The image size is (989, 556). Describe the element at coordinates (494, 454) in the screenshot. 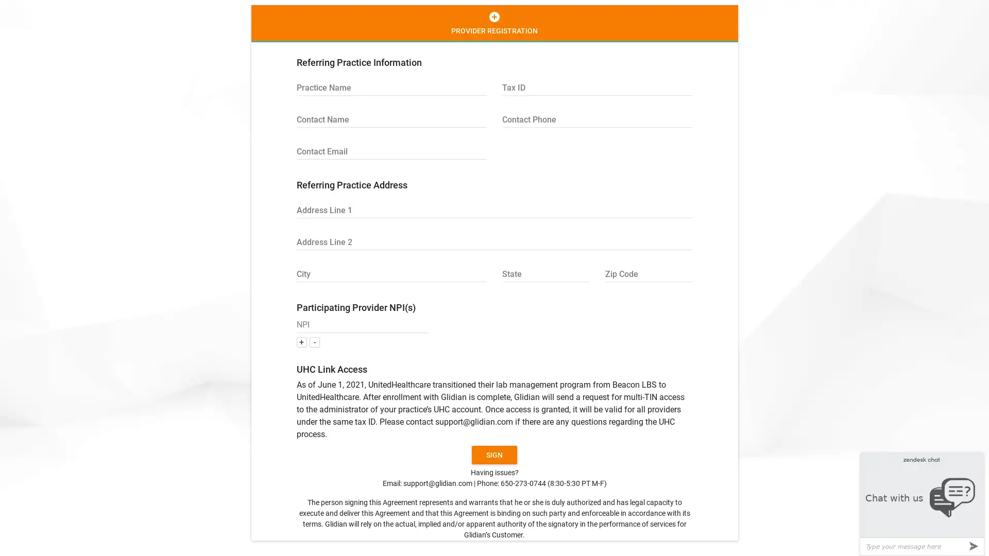

I see `SIGN` at that location.